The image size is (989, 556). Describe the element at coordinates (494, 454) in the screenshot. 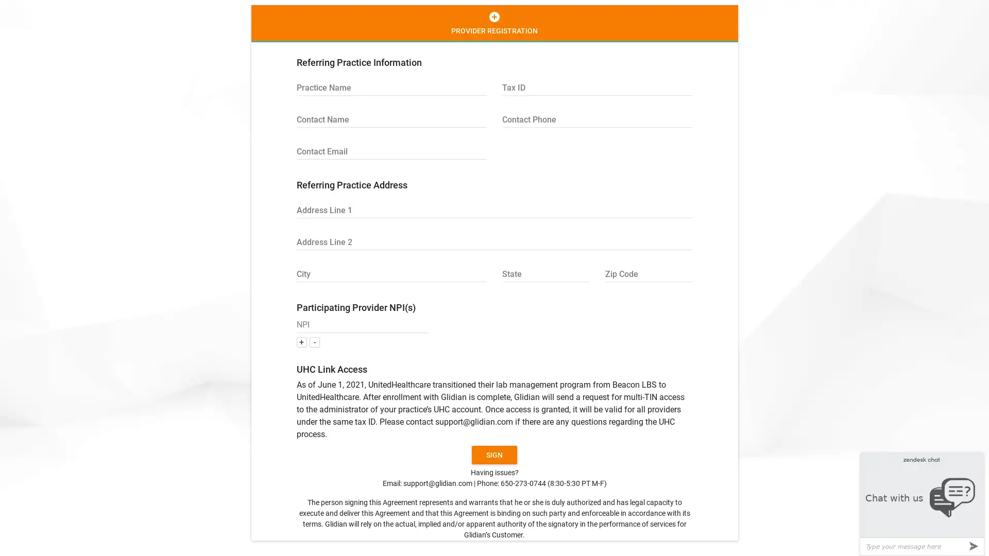

I see `SIGN` at that location.